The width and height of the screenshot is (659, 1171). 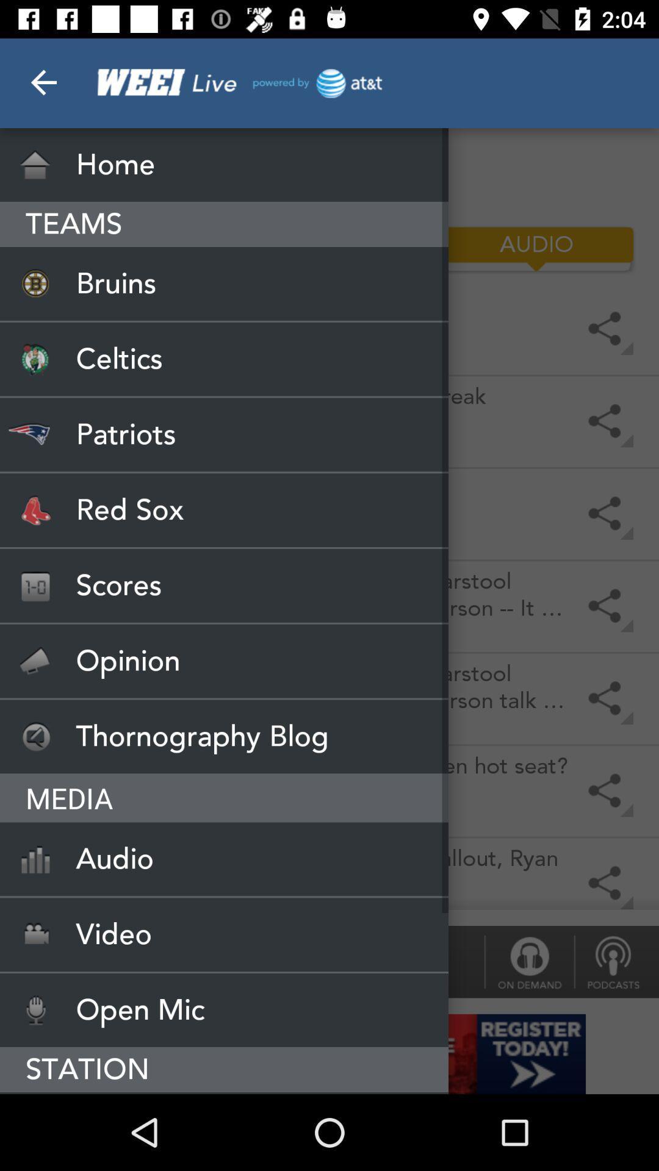 What do you see at coordinates (329, 1053) in the screenshot?
I see `banner advertisement` at bounding box center [329, 1053].